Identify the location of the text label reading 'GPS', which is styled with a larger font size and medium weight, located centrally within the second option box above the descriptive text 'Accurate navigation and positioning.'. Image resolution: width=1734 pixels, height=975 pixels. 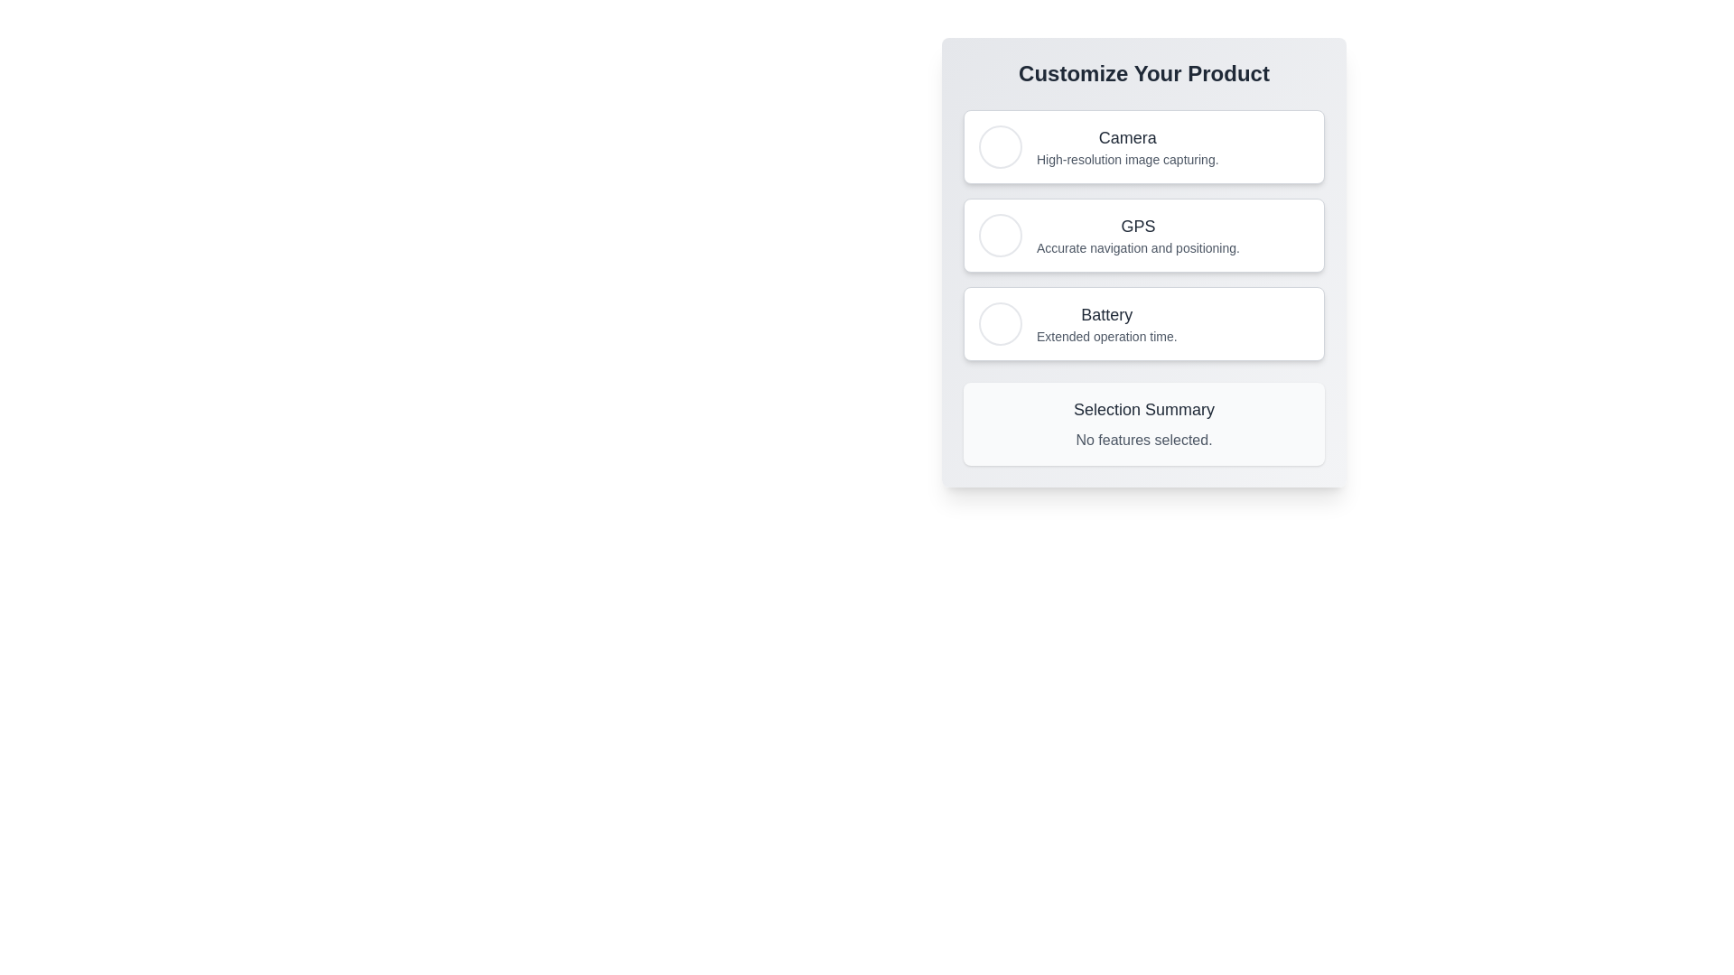
(1137, 225).